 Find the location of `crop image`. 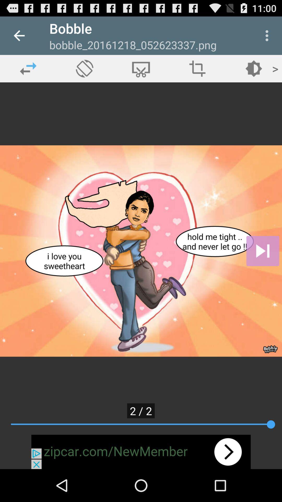

crop image is located at coordinates (141, 68).